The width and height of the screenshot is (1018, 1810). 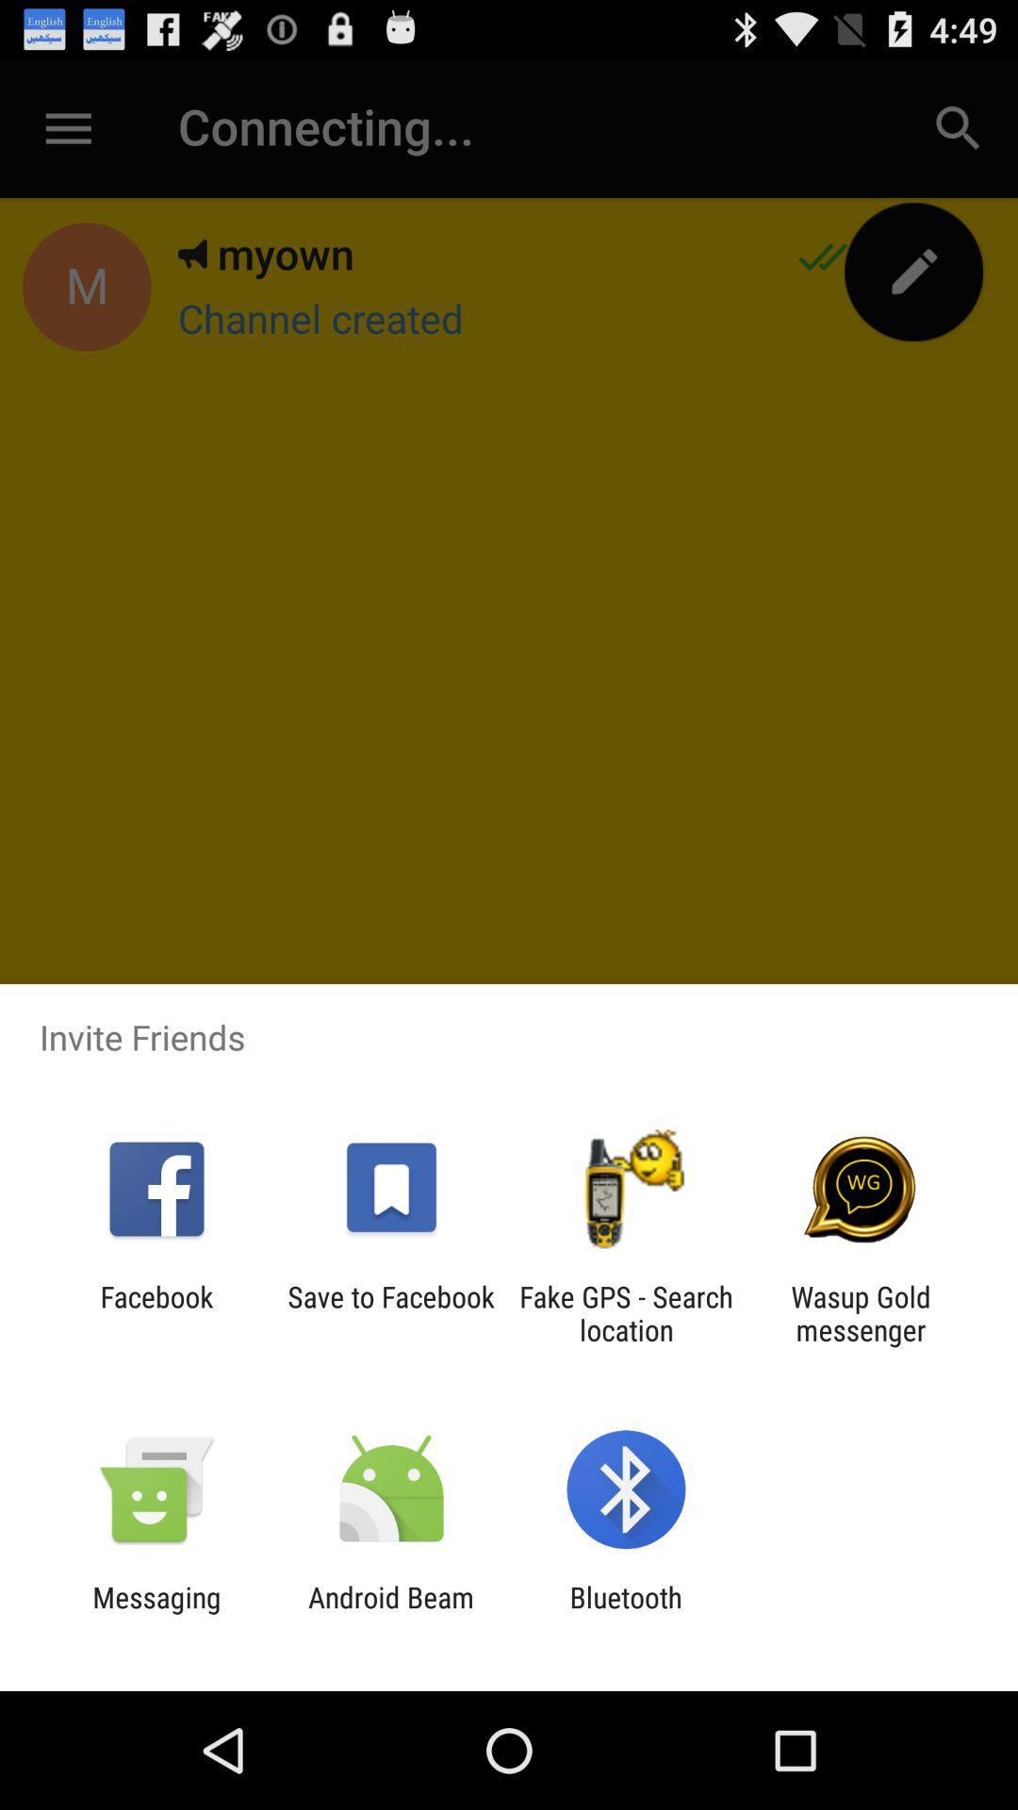 What do you see at coordinates (156, 1613) in the screenshot?
I see `messaging icon` at bounding box center [156, 1613].